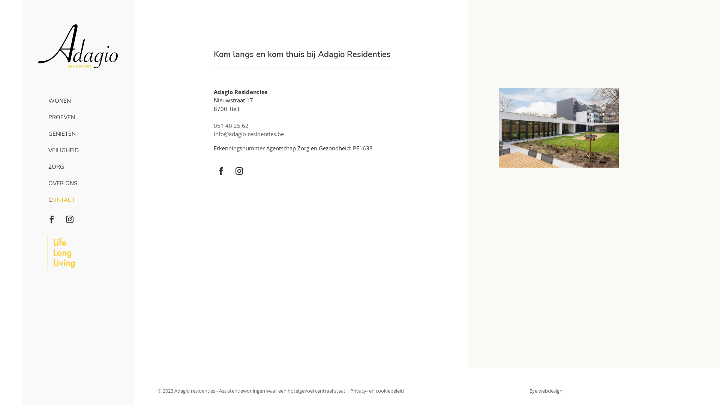 This screenshot has height=405, width=720. Describe the element at coordinates (78, 100) in the screenshot. I see `'WONEN'` at that location.